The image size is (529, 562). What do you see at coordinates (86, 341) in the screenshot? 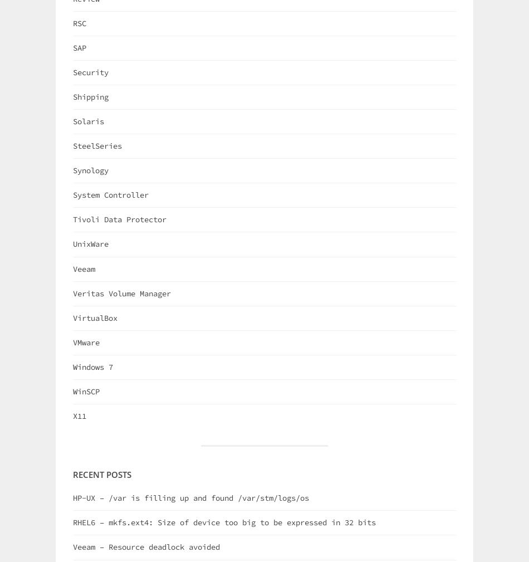
I see `'VMware'` at bounding box center [86, 341].